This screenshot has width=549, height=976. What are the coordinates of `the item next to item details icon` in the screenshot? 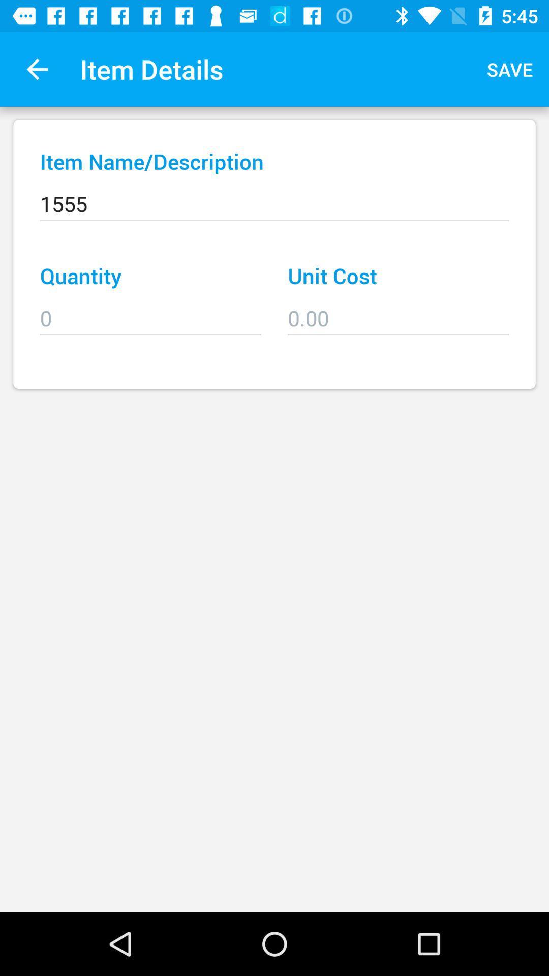 It's located at (510, 69).